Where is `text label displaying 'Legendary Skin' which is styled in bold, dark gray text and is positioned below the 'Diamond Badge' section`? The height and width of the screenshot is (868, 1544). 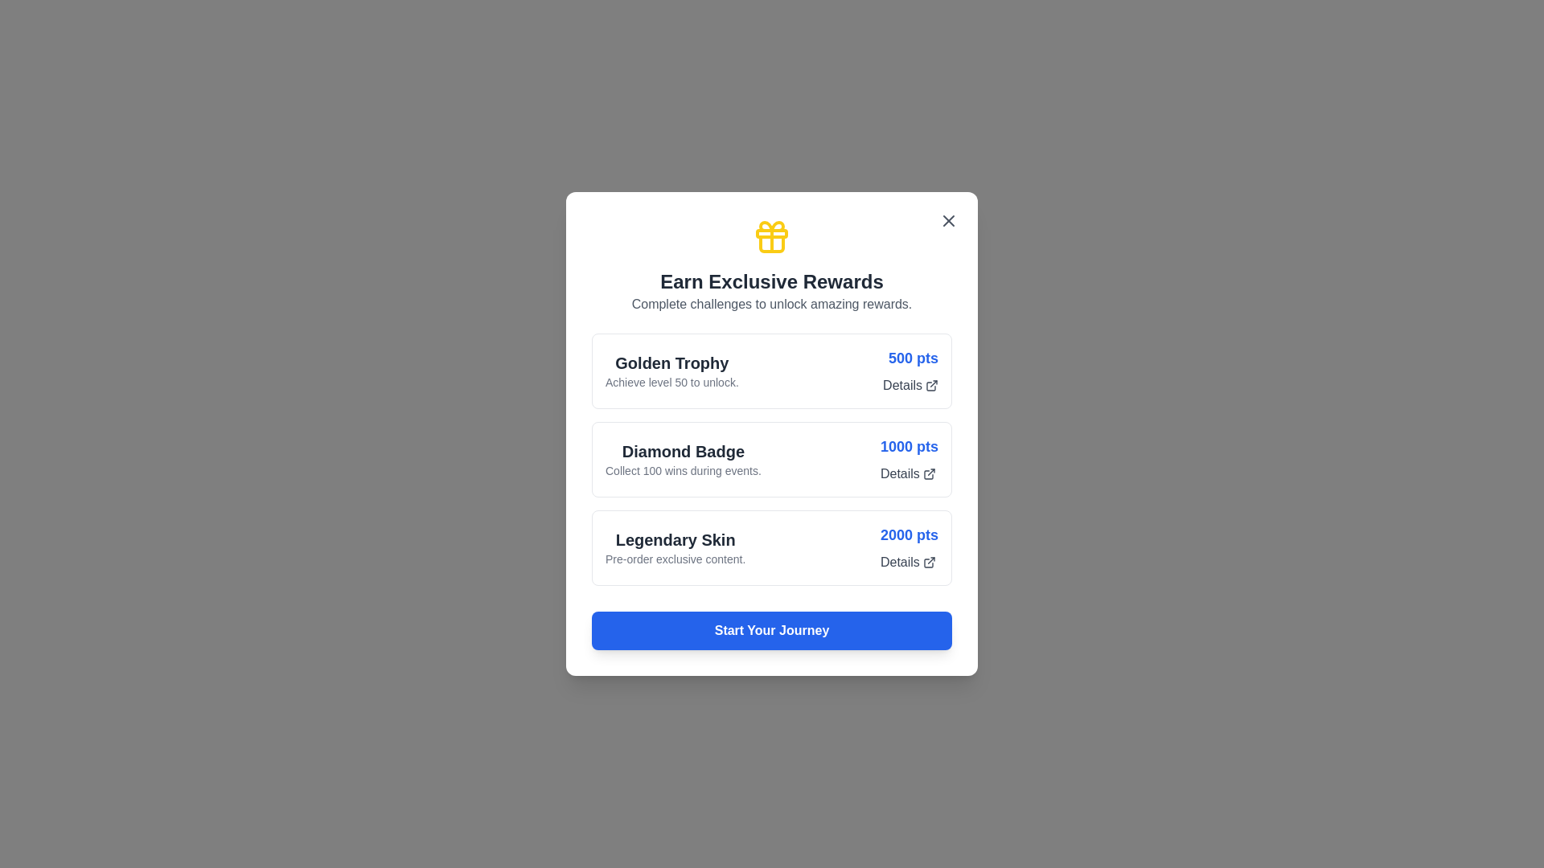
text label displaying 'Legendary Skin' which is styled in bold, dark gray text and is positioned below the 'Diamond Badge' section is located at coordinates (675, 539).